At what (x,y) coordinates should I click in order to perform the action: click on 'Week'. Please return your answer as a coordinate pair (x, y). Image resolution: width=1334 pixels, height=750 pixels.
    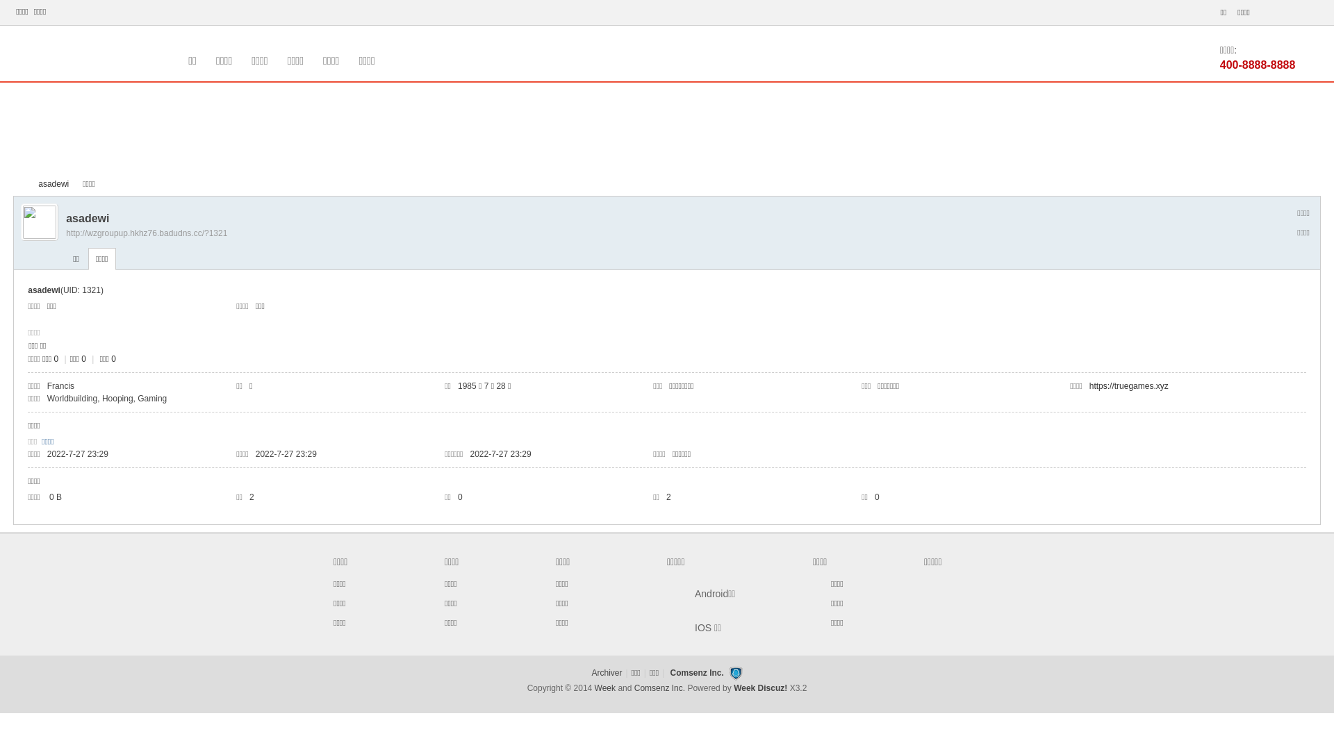
    Looking at the image, I should click on (607, 688).